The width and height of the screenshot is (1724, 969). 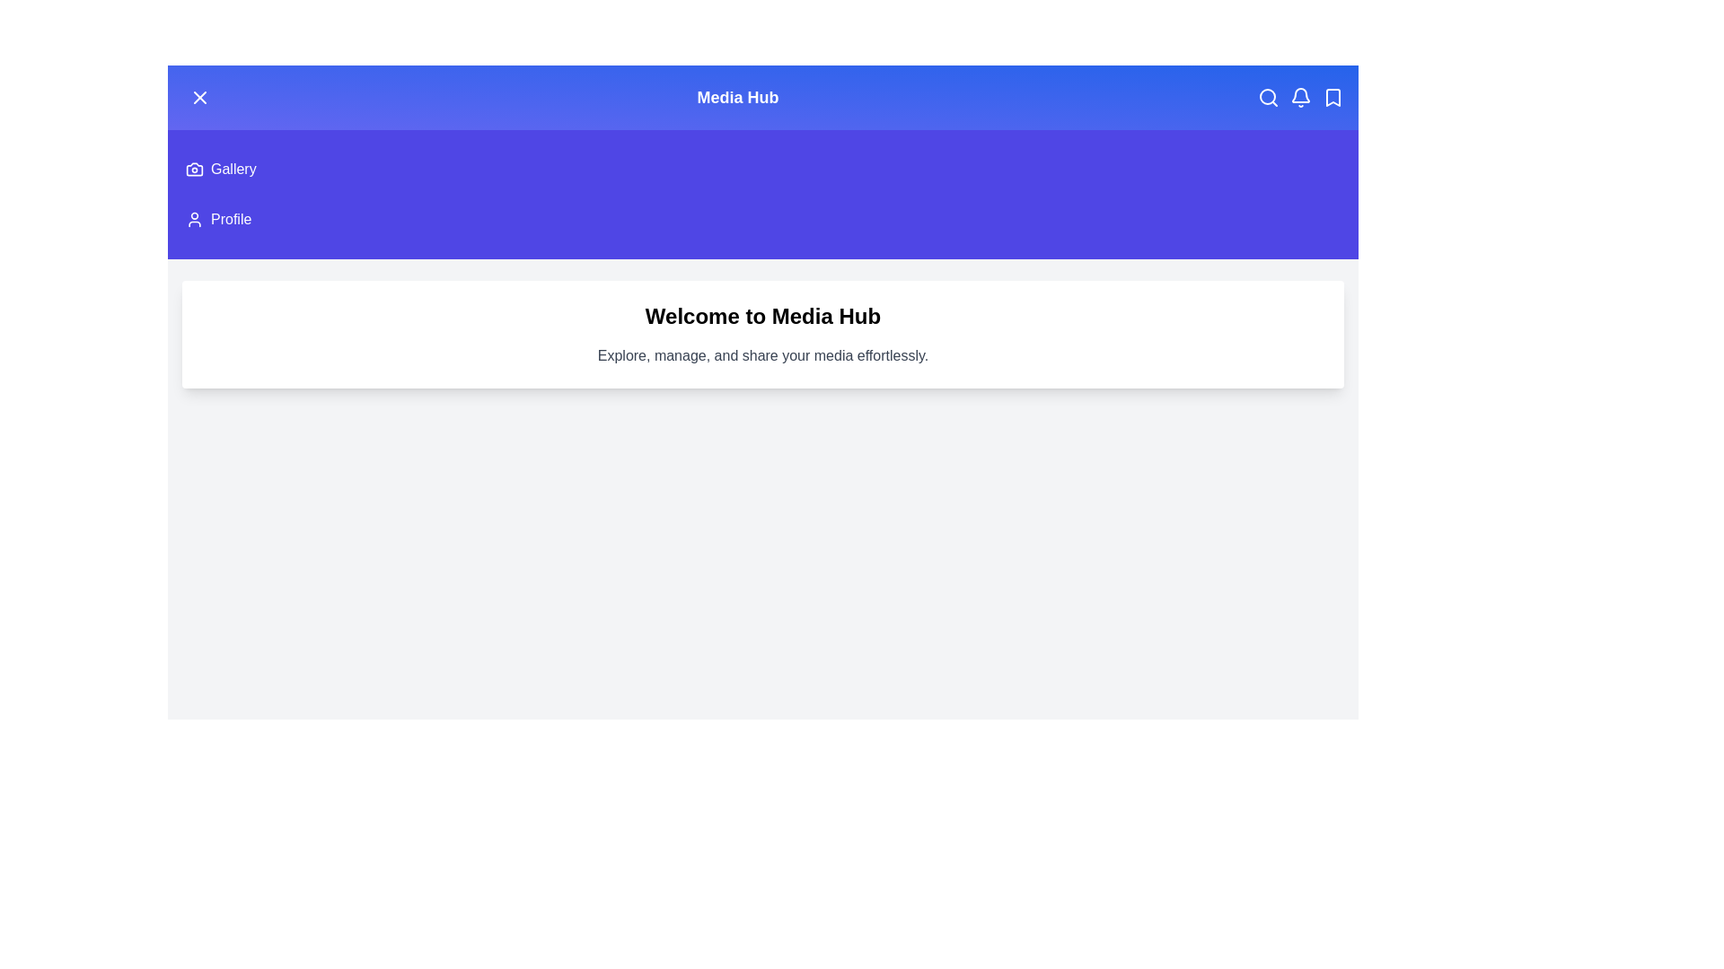 I want to click on the notification bell icon in the top right corner, so click(x=1300, y=97).